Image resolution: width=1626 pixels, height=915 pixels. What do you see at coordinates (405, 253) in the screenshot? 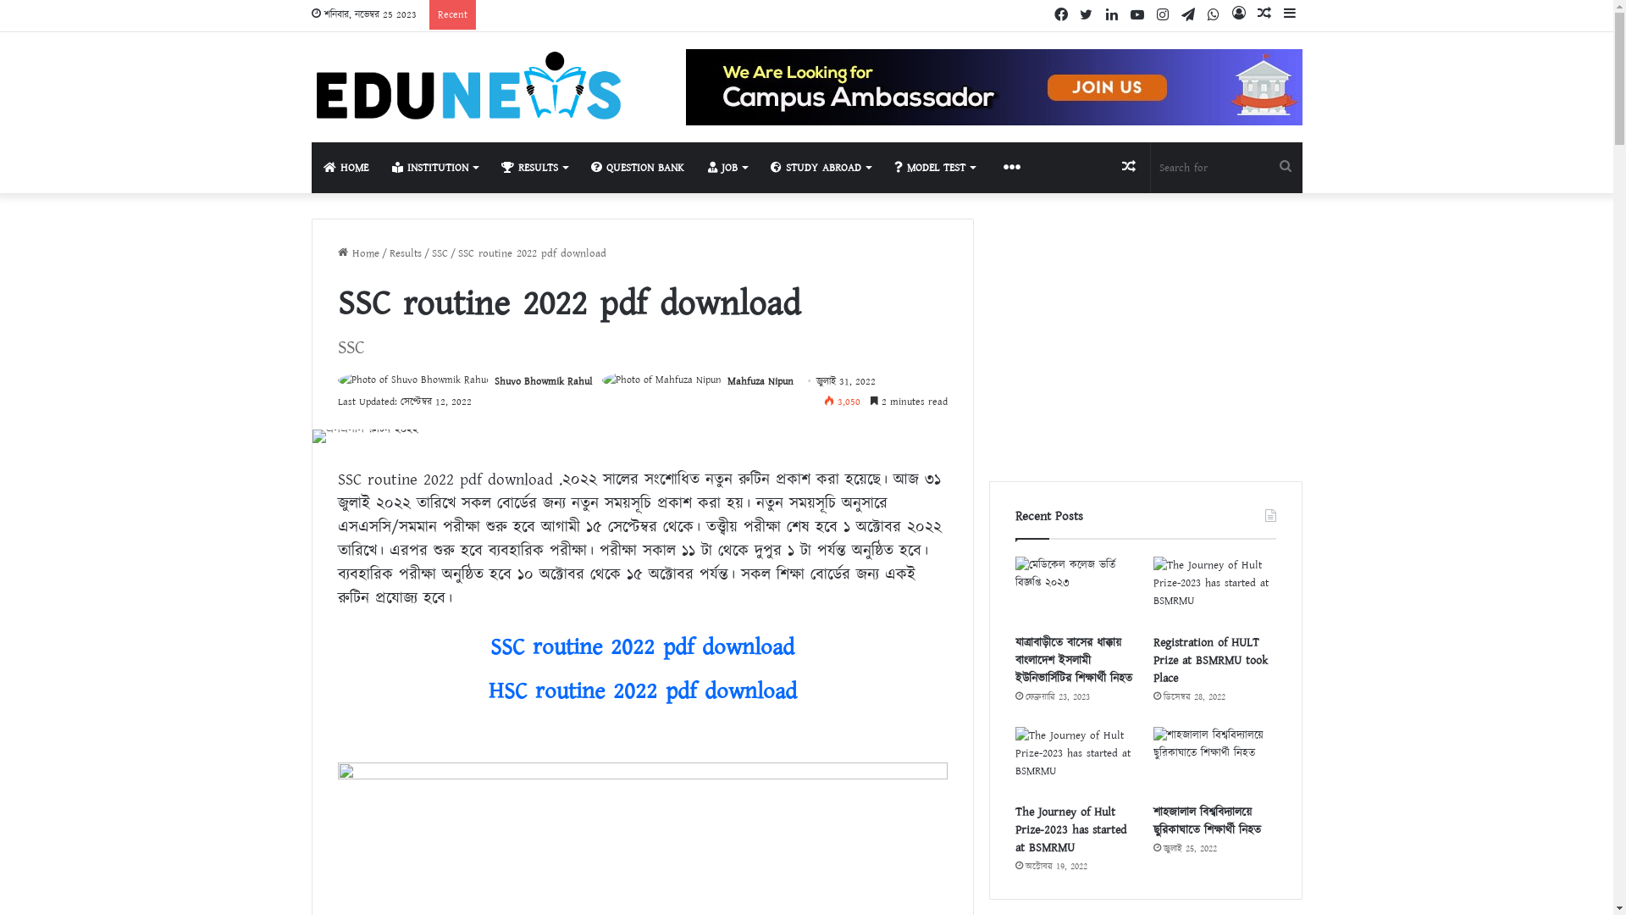
I see `'Results'` at bounding box center [405, 253].